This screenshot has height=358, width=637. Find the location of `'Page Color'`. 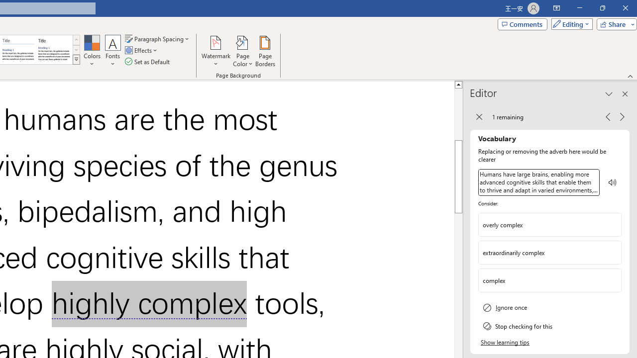

'Page Color' is located at coordinates (243, 51).